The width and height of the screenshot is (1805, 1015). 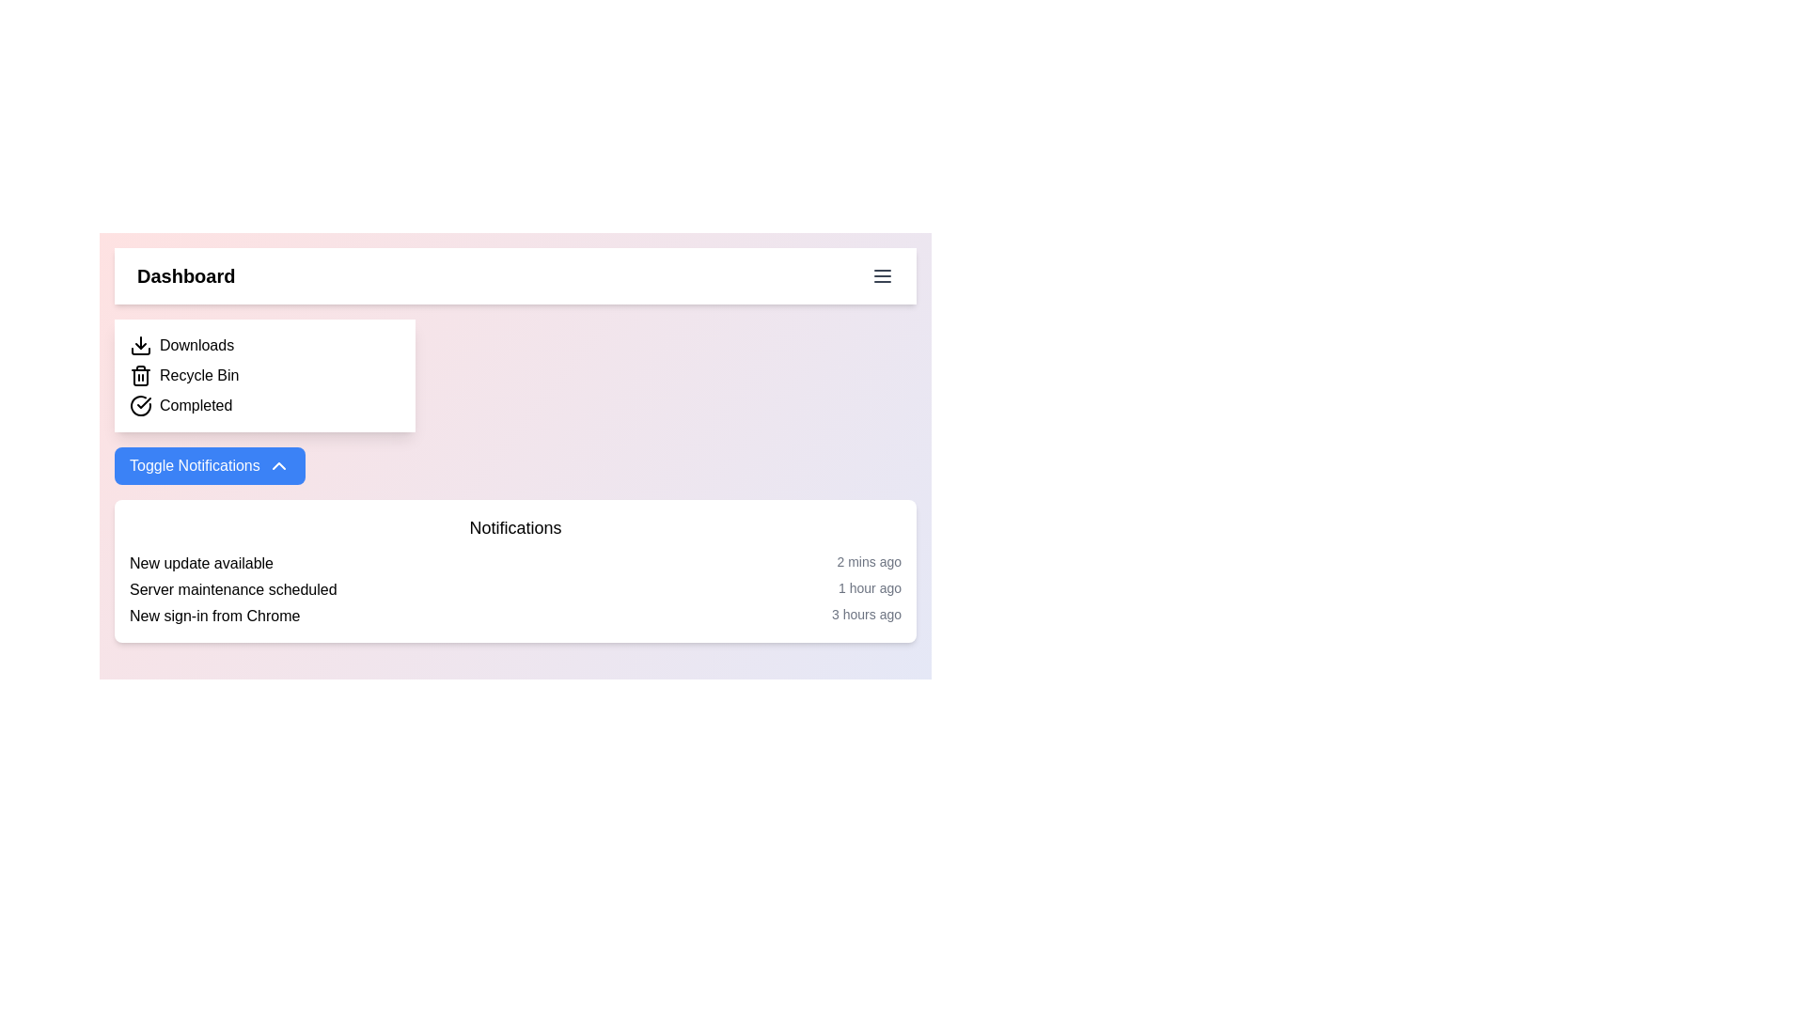 I want to click on the second notification in the vertical list that informs about a scheduled server maintenance that occurred 1 hour ago, so click(x=515, y=589).